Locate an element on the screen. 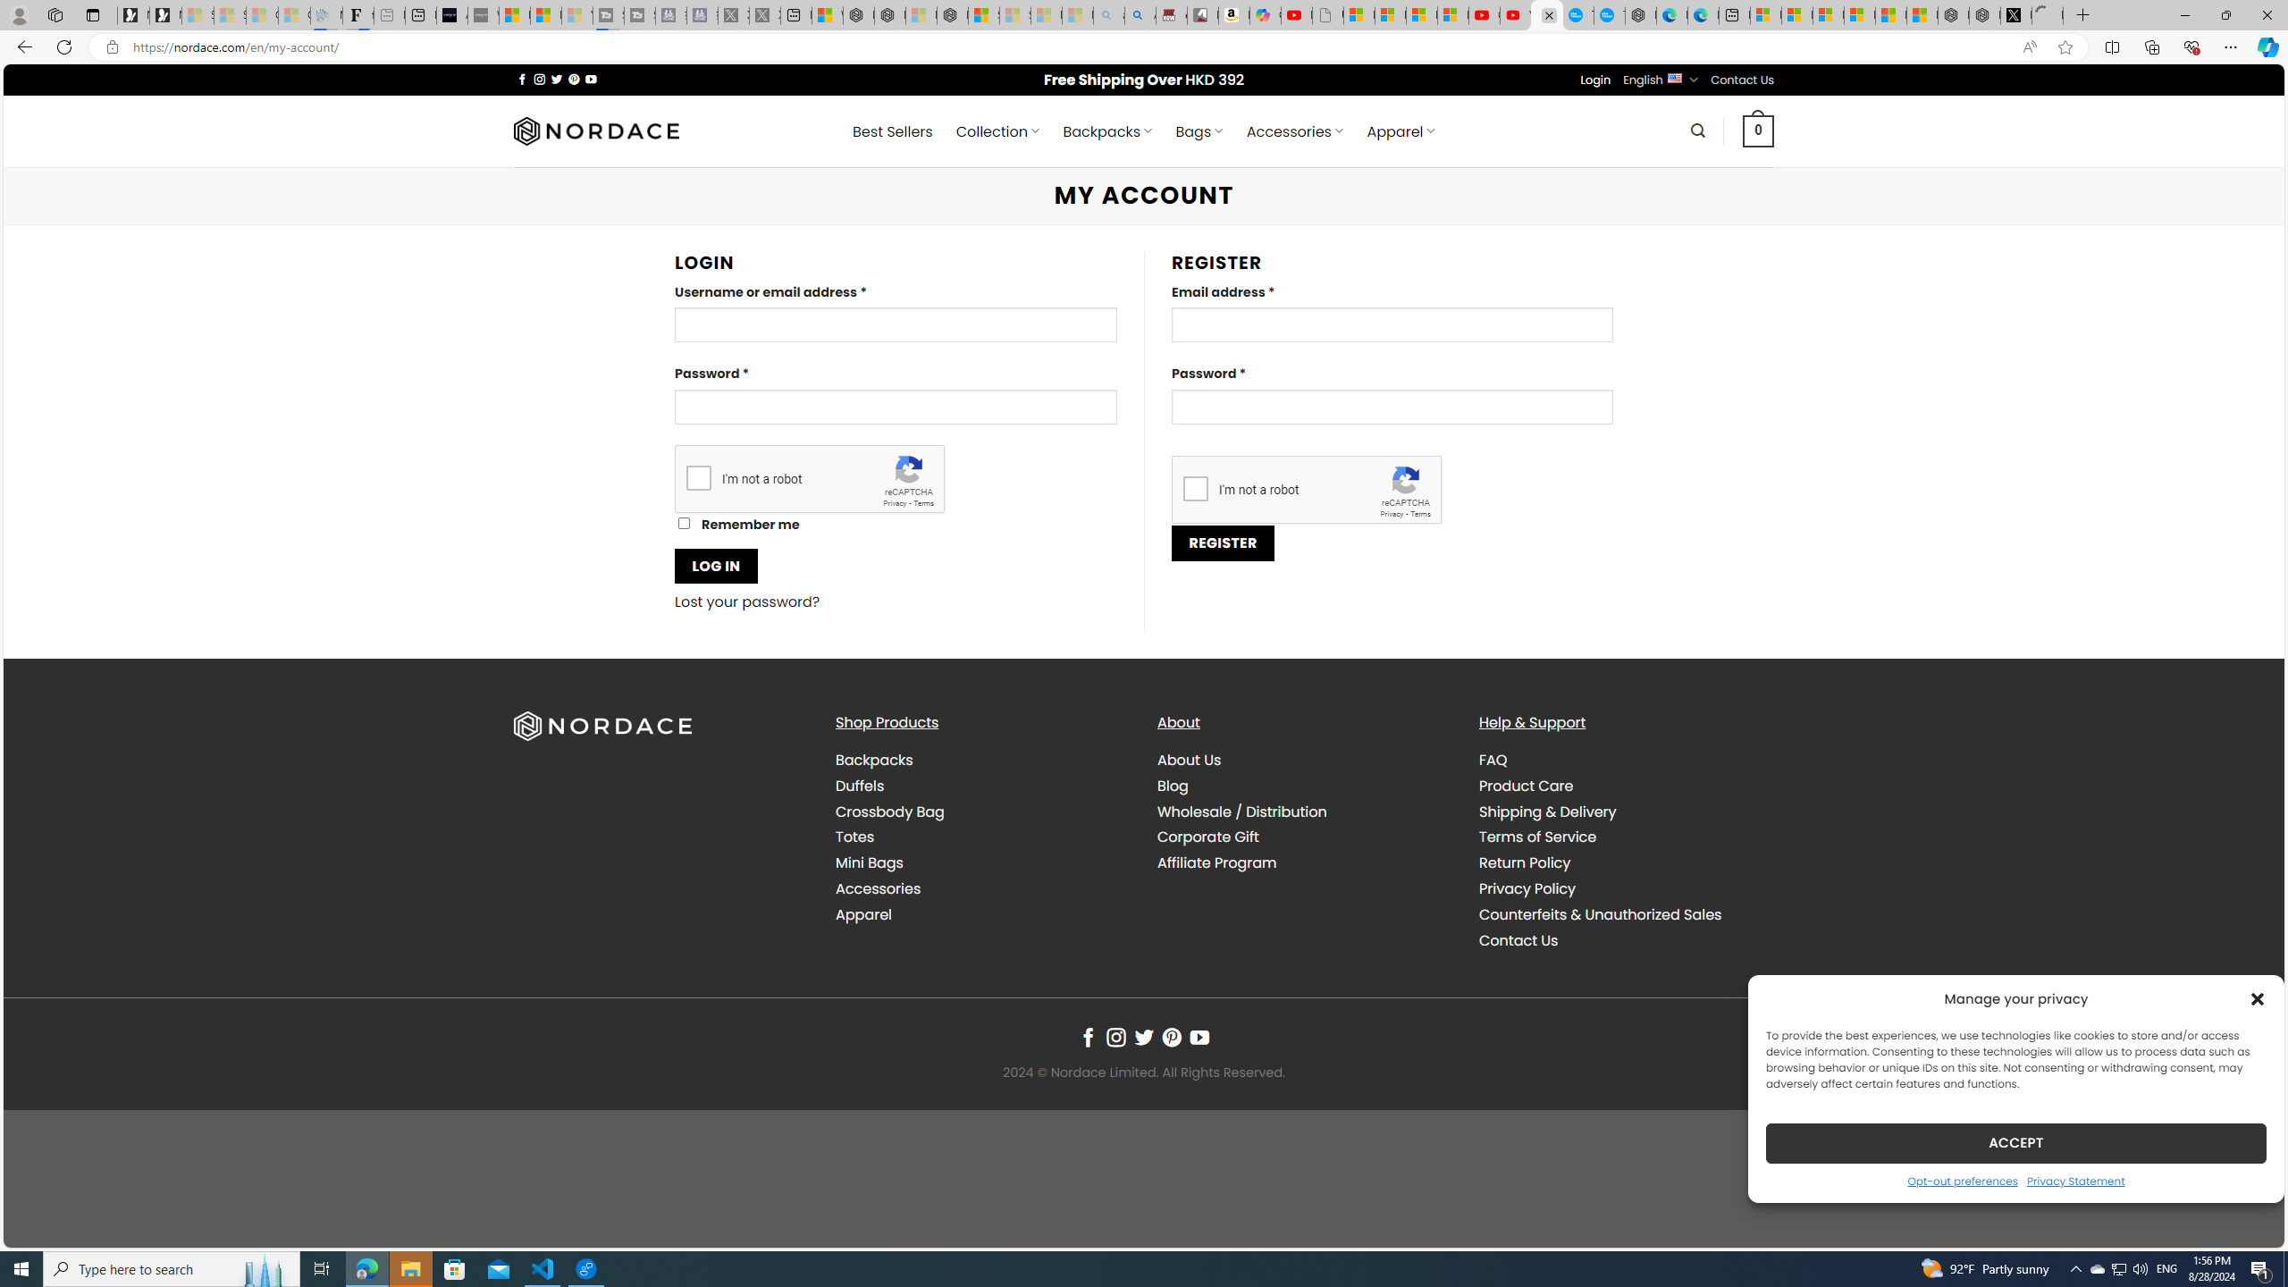 The width and height of the screenshot is (2288, 1287). 'Blog' is located at coordinates (1173, 785).